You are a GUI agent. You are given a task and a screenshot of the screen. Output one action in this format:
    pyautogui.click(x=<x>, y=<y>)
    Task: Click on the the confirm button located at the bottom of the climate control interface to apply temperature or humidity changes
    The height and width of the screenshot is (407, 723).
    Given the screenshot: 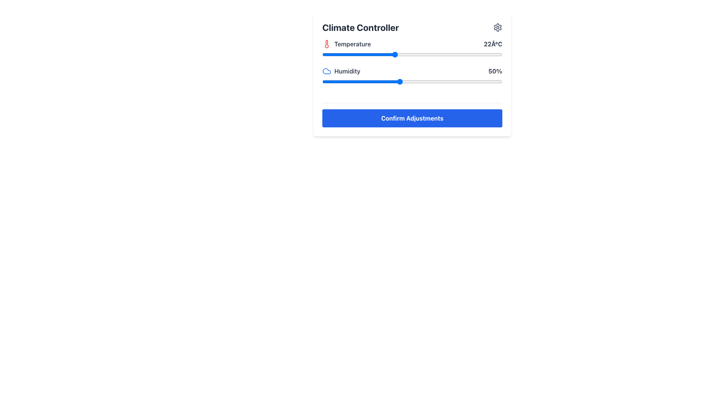 What is the action you would take?
    pyautogui.click(x=412, y=115)
    